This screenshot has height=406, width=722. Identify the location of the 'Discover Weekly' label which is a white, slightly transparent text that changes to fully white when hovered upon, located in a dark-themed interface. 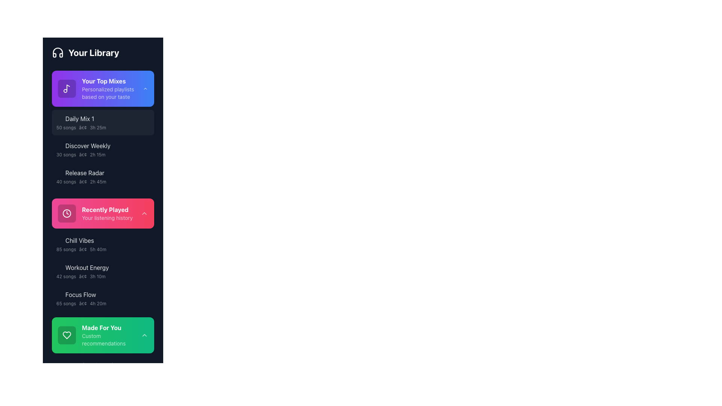
(88, 146).